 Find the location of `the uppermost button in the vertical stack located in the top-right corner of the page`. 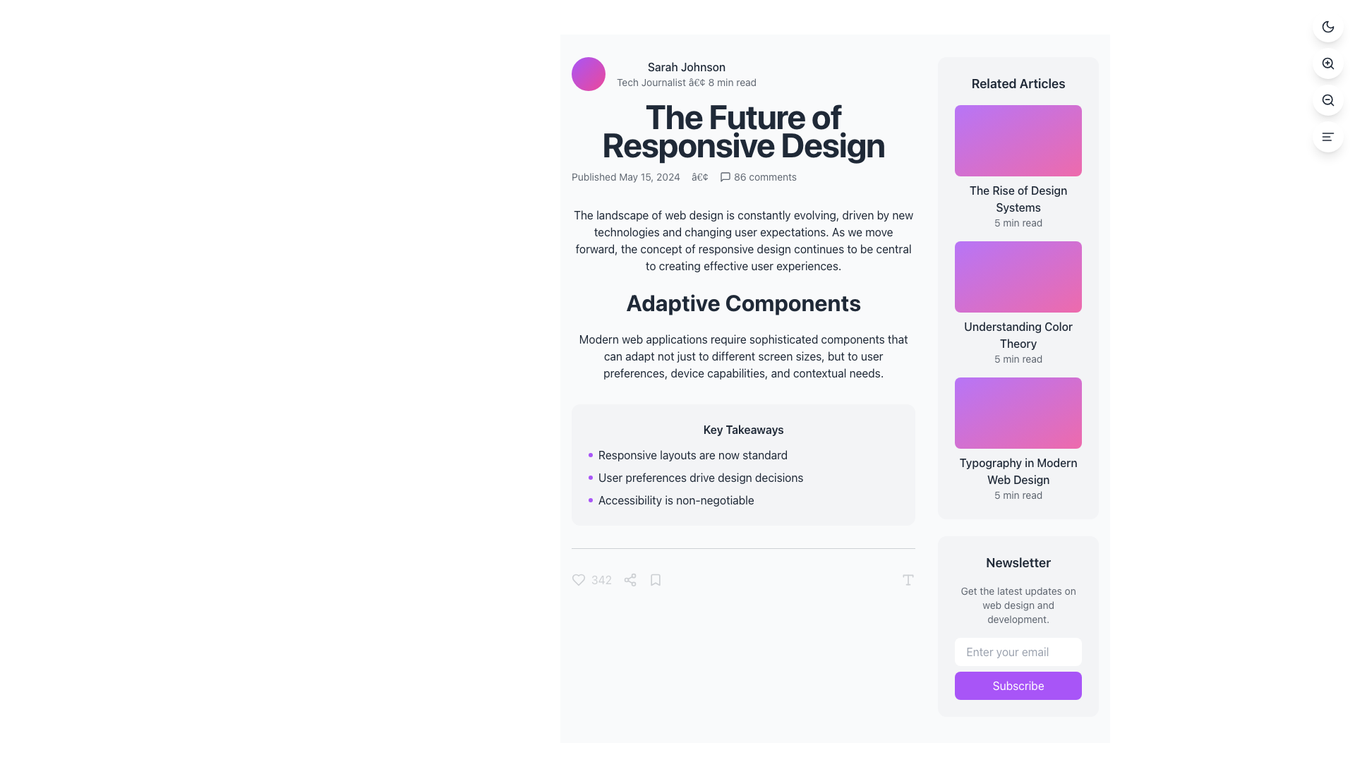

the uppermost button in the vertical stack located in the top-right corner of the page is located at coordinates (1327, 27).